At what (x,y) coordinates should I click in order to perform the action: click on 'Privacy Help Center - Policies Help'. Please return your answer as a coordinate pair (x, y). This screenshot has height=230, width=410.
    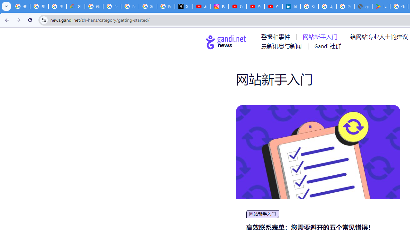
    Looking at the image, I should click on (129, 6).